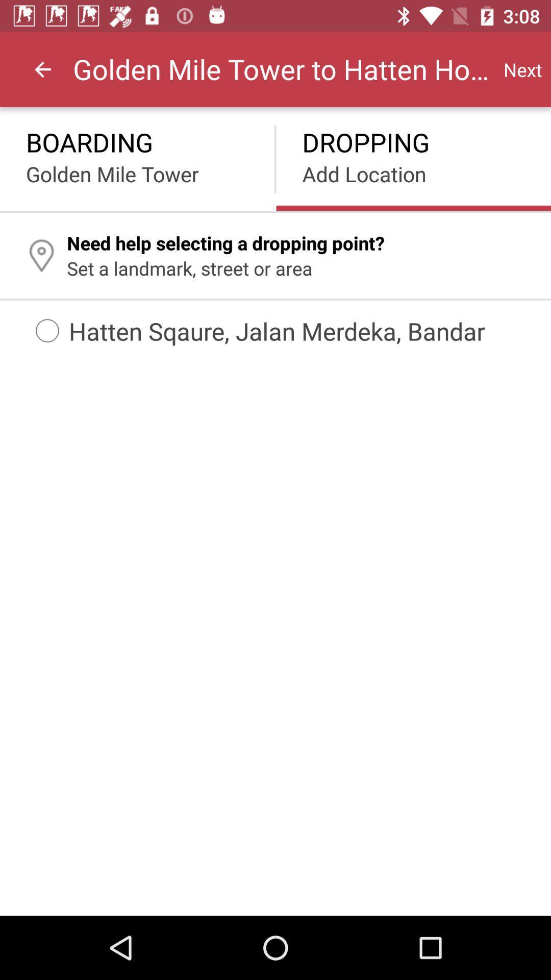 The image size is (551, 980). Describe the element at coordinates (42, 69) in the screenshot. I see `the item to the left of the golden mile tower icon` at that location.